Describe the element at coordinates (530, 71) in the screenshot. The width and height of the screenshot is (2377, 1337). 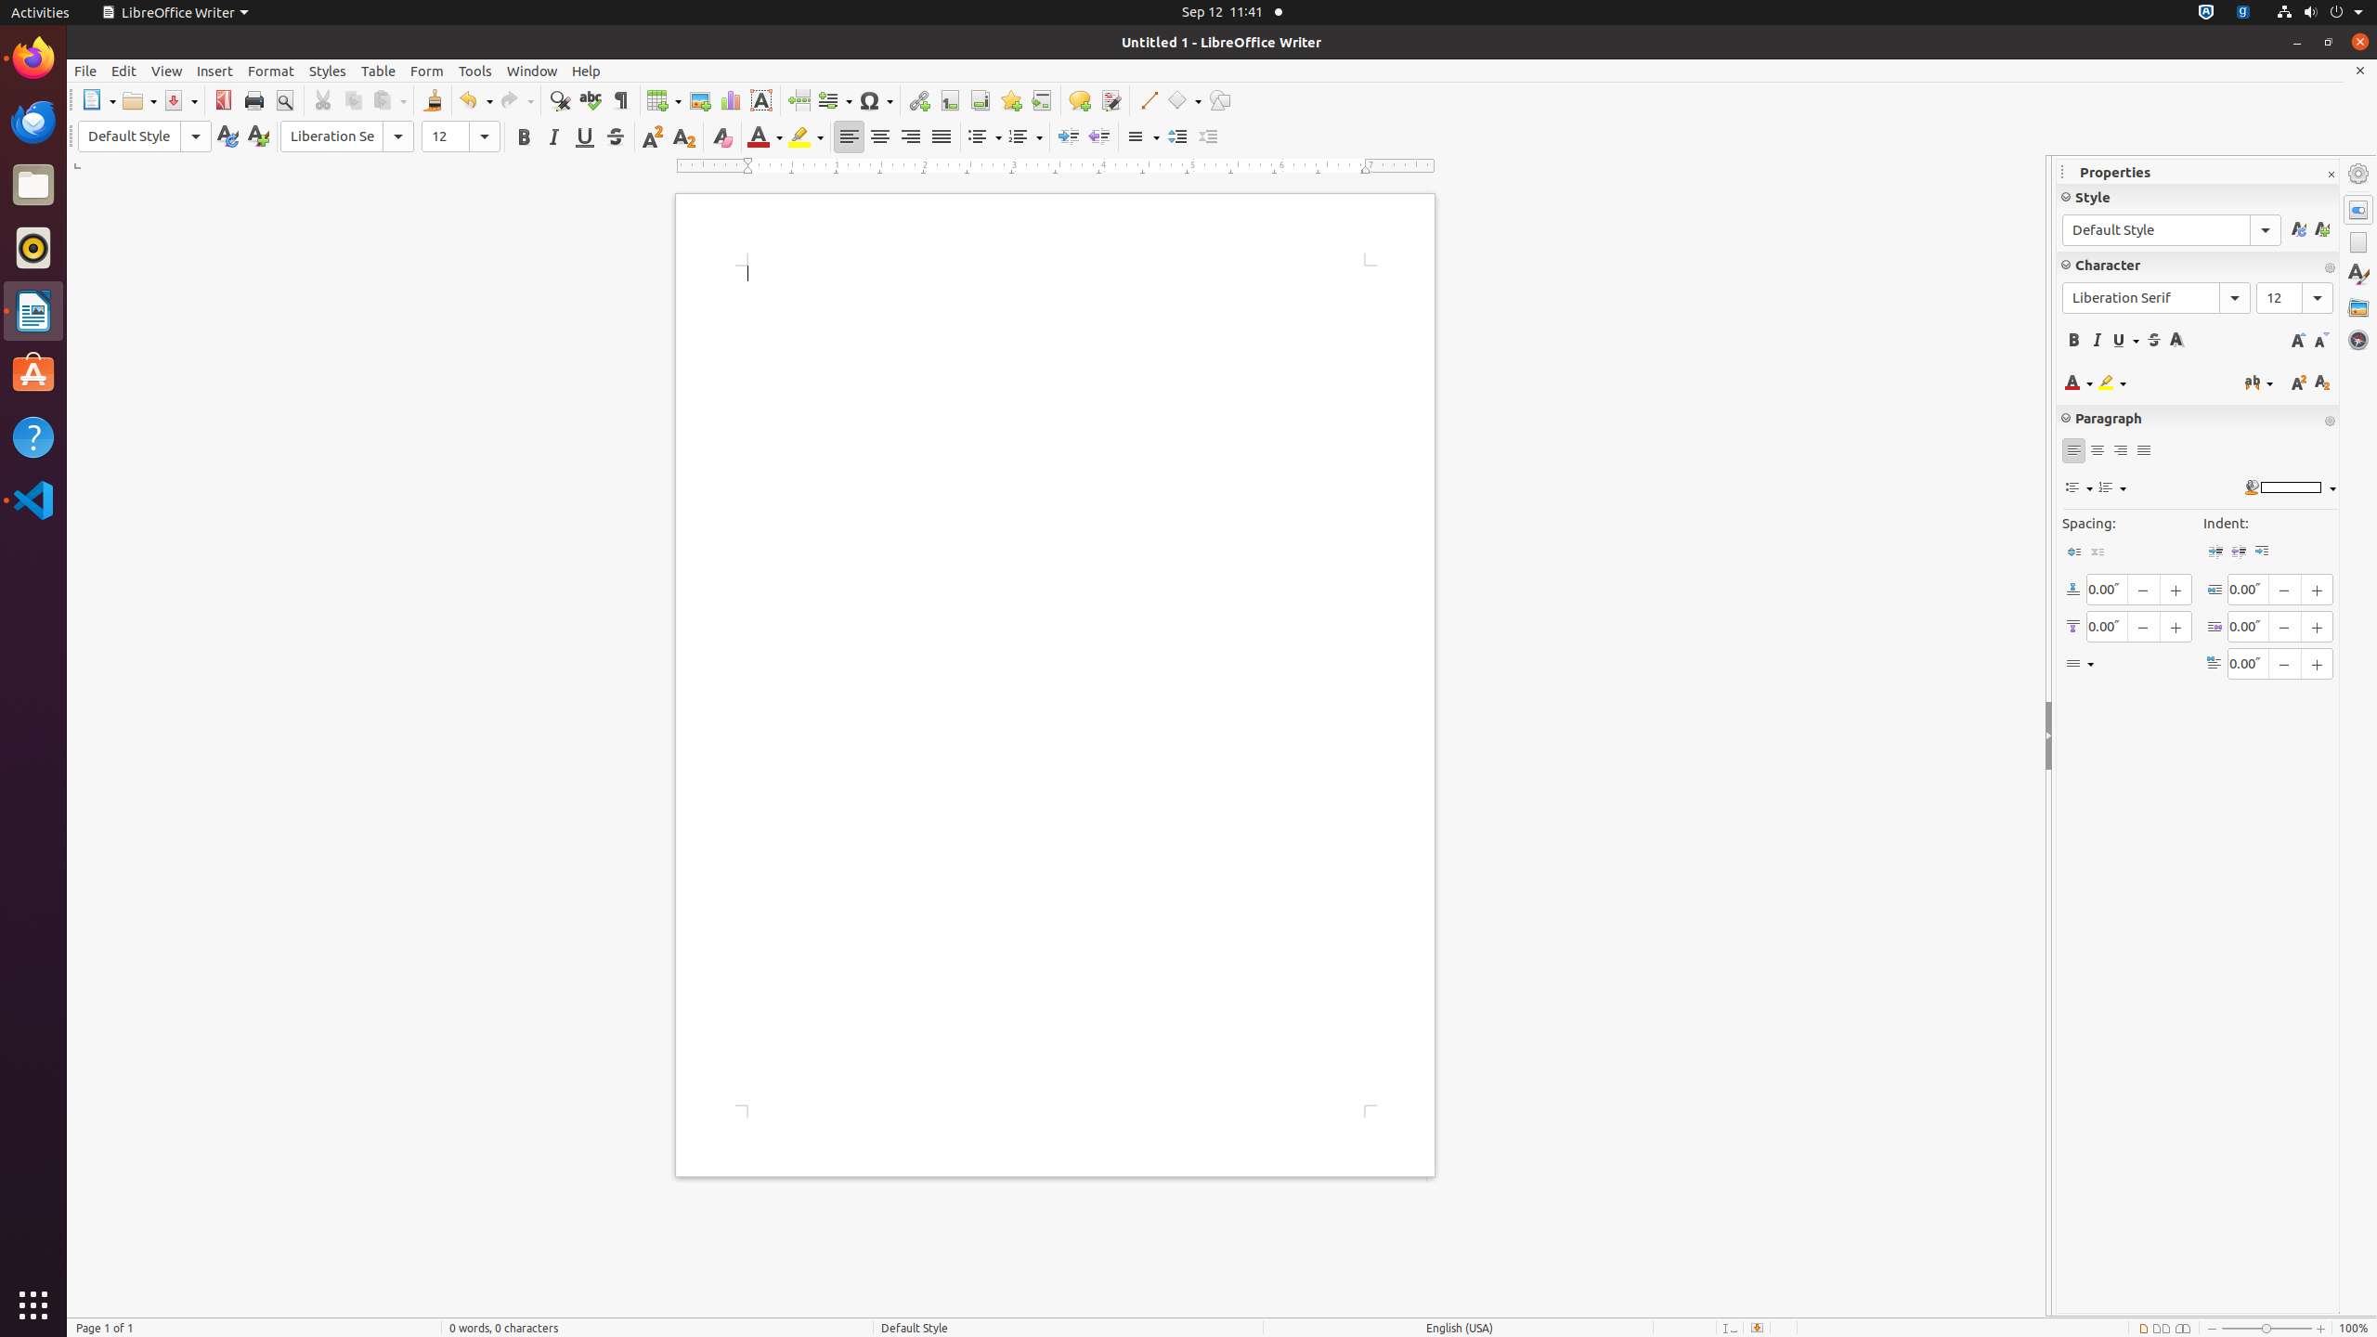
I see `'Window'` at that location.